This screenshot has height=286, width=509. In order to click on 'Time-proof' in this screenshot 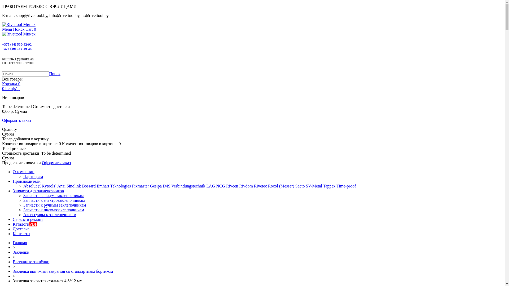, I will do `click(346, 186)`.